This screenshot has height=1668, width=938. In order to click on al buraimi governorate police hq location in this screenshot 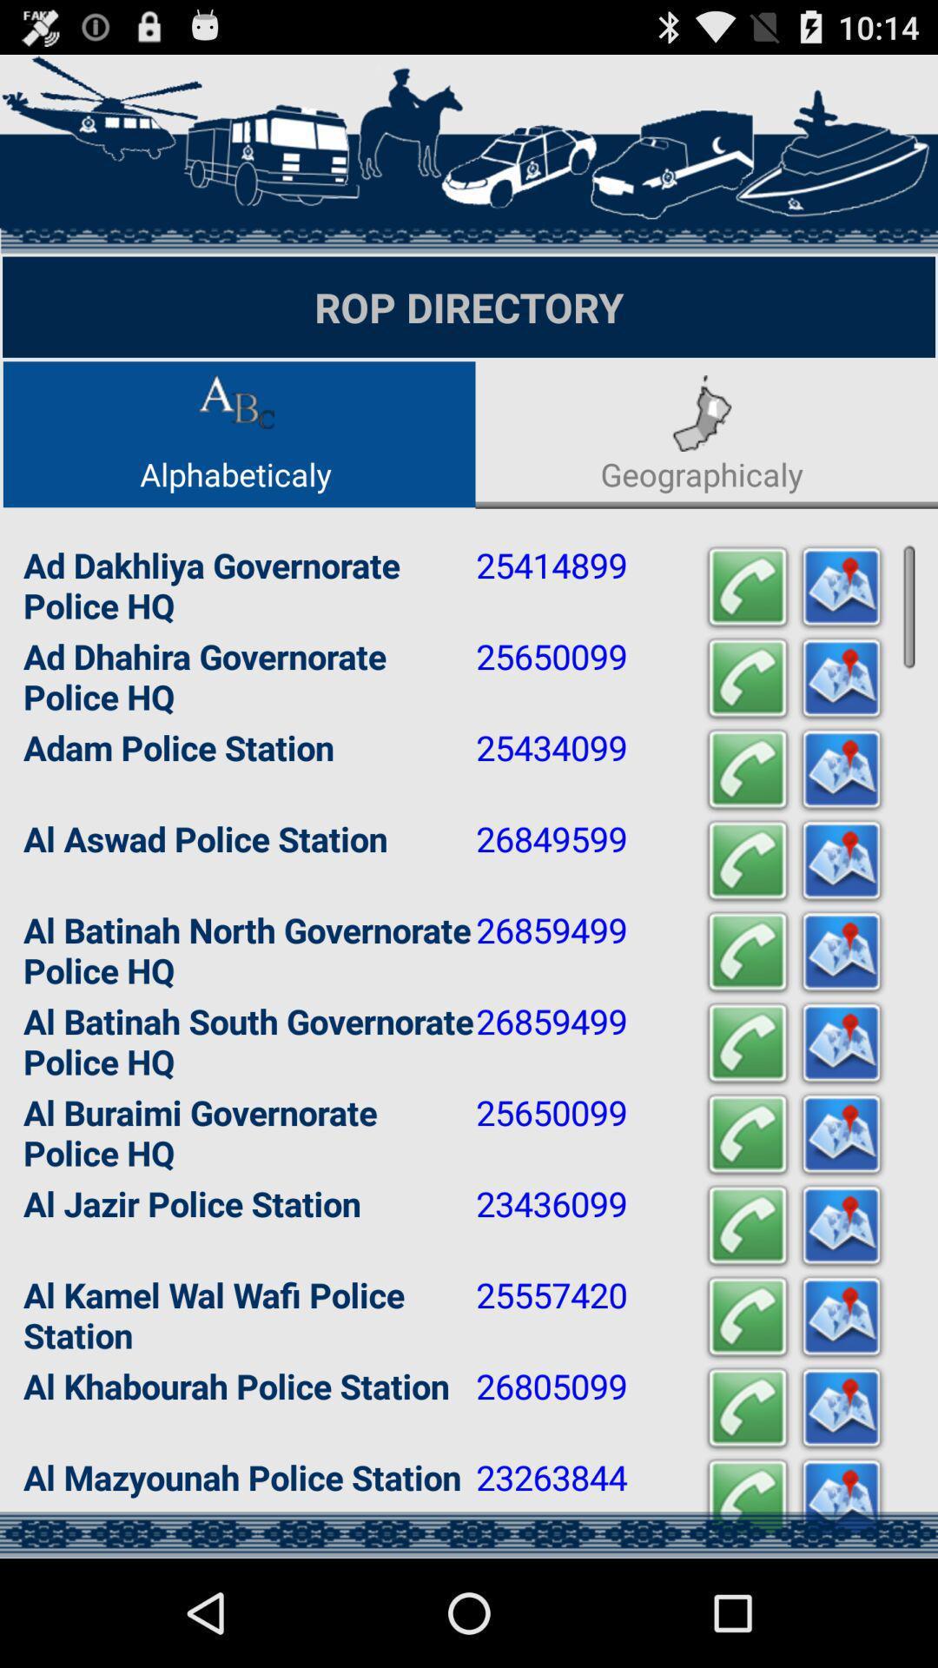, I will do `click(840, 1135)`.